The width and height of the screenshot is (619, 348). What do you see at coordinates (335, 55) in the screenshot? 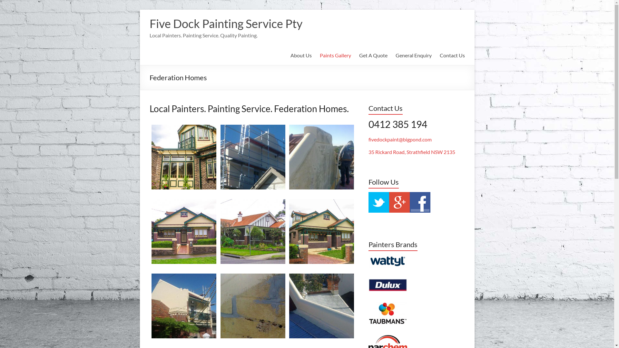
I see `'Paints Gallery'` at bounding box center [335, 55].